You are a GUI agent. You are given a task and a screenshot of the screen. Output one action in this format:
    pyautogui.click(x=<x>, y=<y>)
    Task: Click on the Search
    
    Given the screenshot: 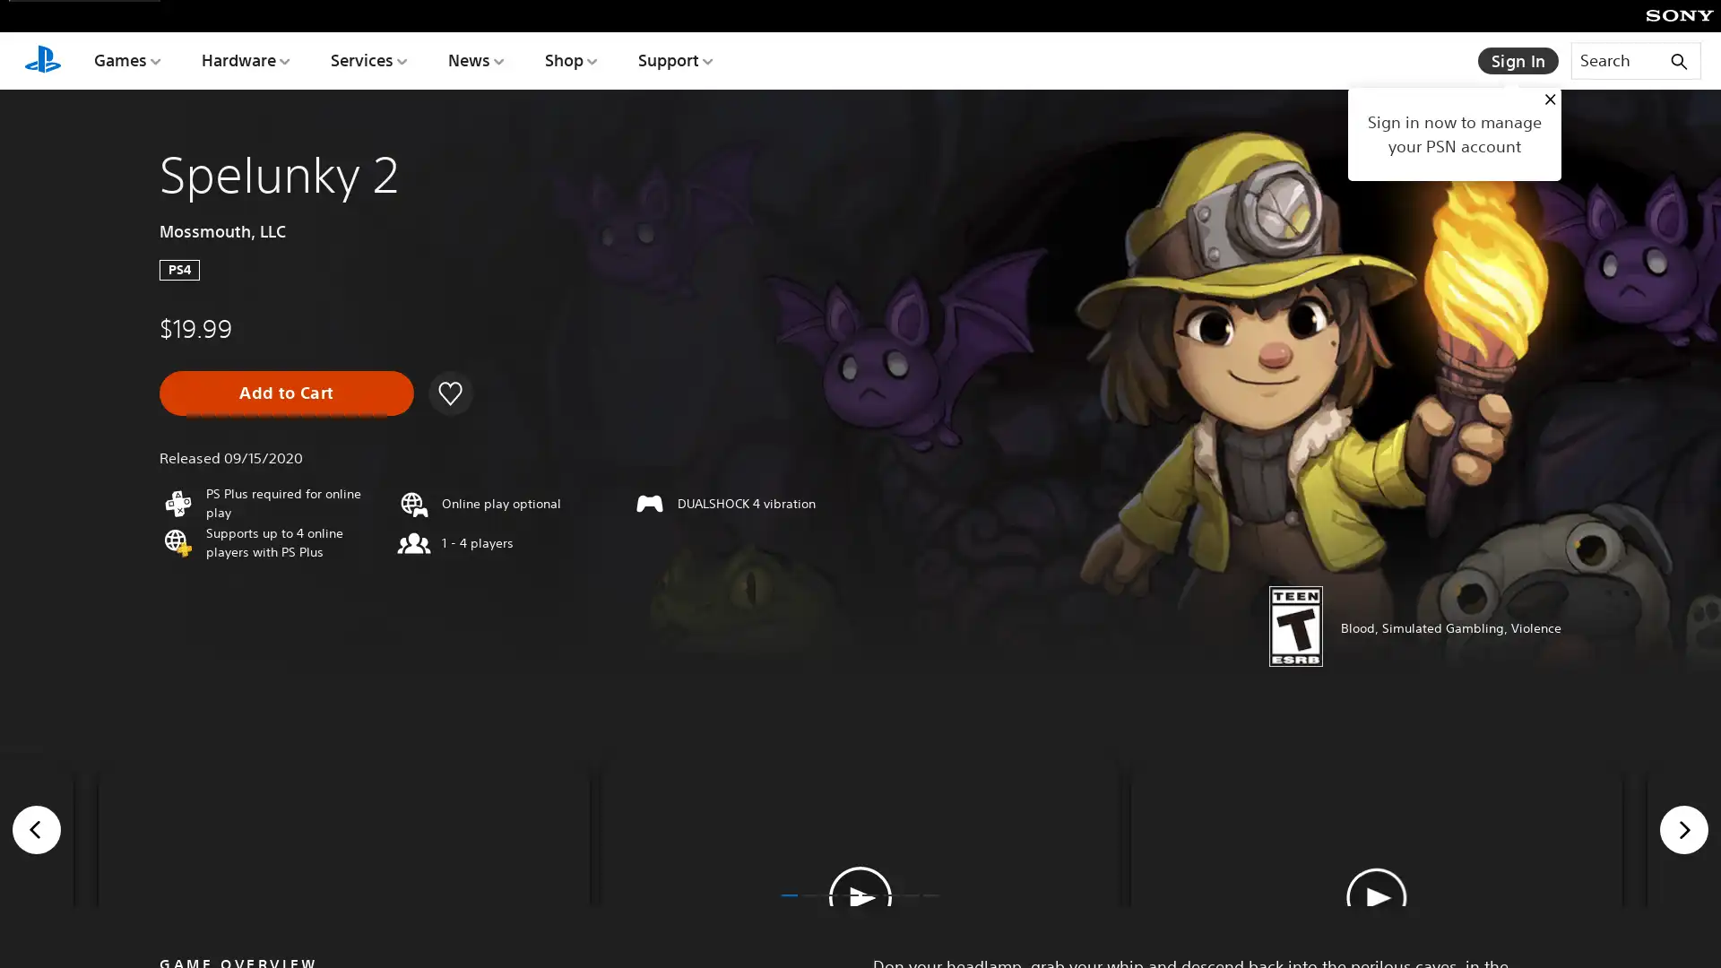 What is the action you would take?
    pyautogui.click(x=1635, y=59)
    